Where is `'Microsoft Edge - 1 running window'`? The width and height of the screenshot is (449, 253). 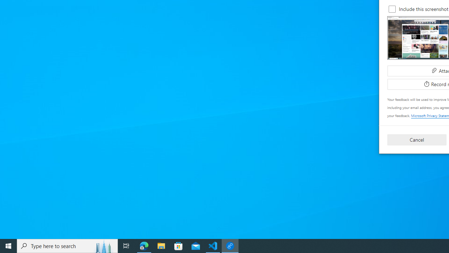 'Microsoft Edge - 1 running window' is located at coordinates (144, 245).